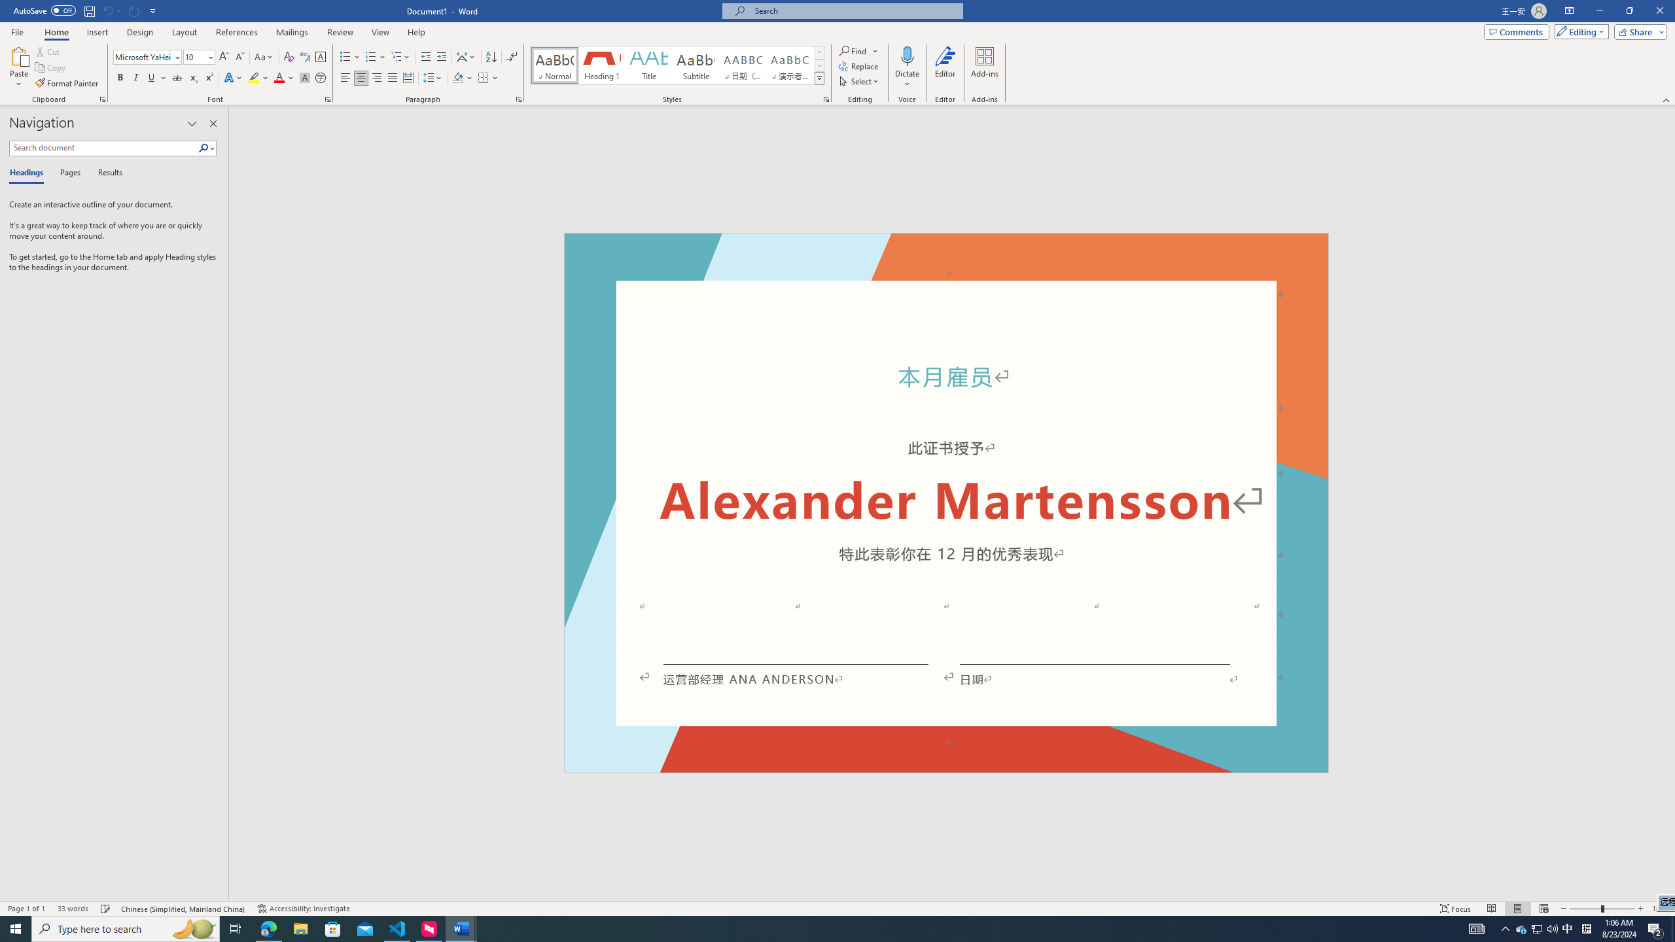  What do you see at coordinates (237, 32) in the screenshot?
I see `'References'` at bounding box center [237, 32].